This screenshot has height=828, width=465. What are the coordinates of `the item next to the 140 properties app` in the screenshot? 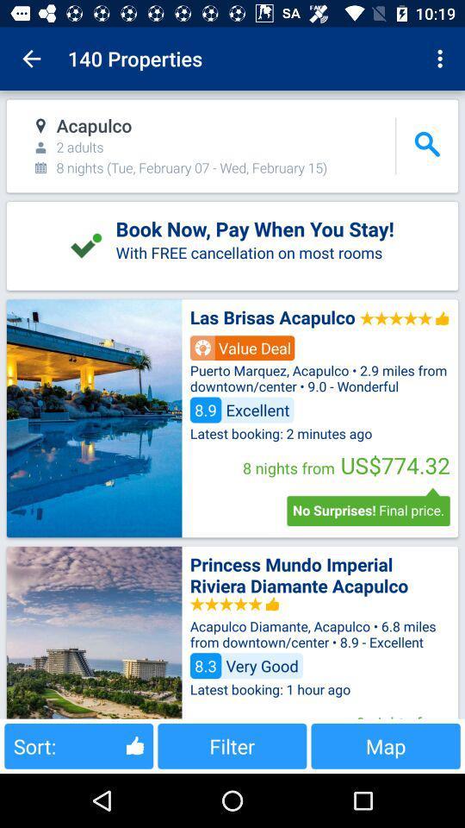 It's located at (31, 59).